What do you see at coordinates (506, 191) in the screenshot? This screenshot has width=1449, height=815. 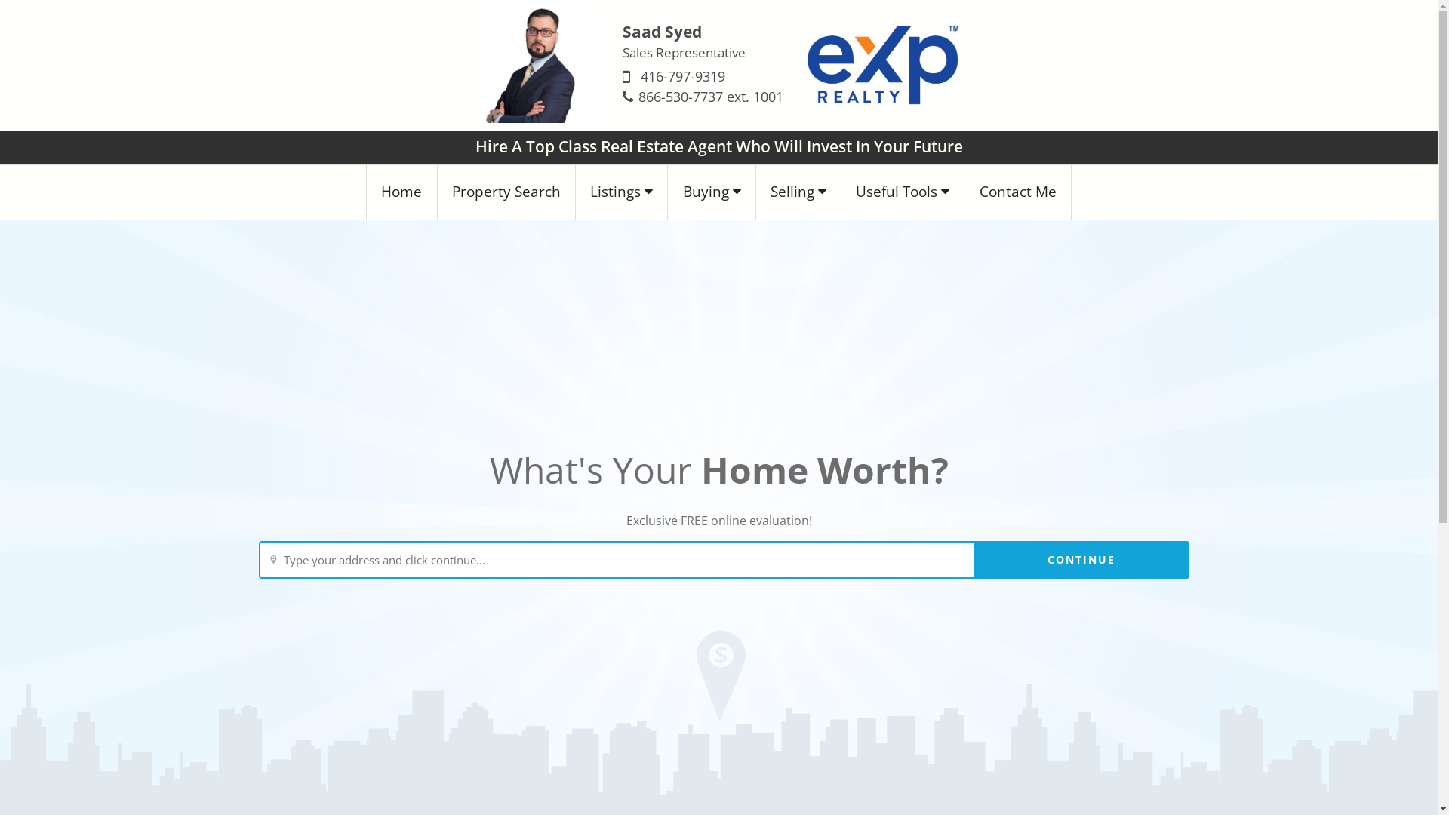 I see `'Property Search'` at bounding box center [506, 191].